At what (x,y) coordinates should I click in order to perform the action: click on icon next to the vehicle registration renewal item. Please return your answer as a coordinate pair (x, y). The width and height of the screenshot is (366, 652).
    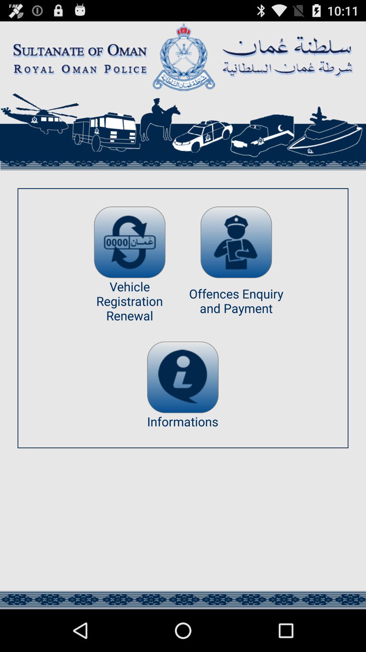
    Looking at the image, I should click on (236, 242).